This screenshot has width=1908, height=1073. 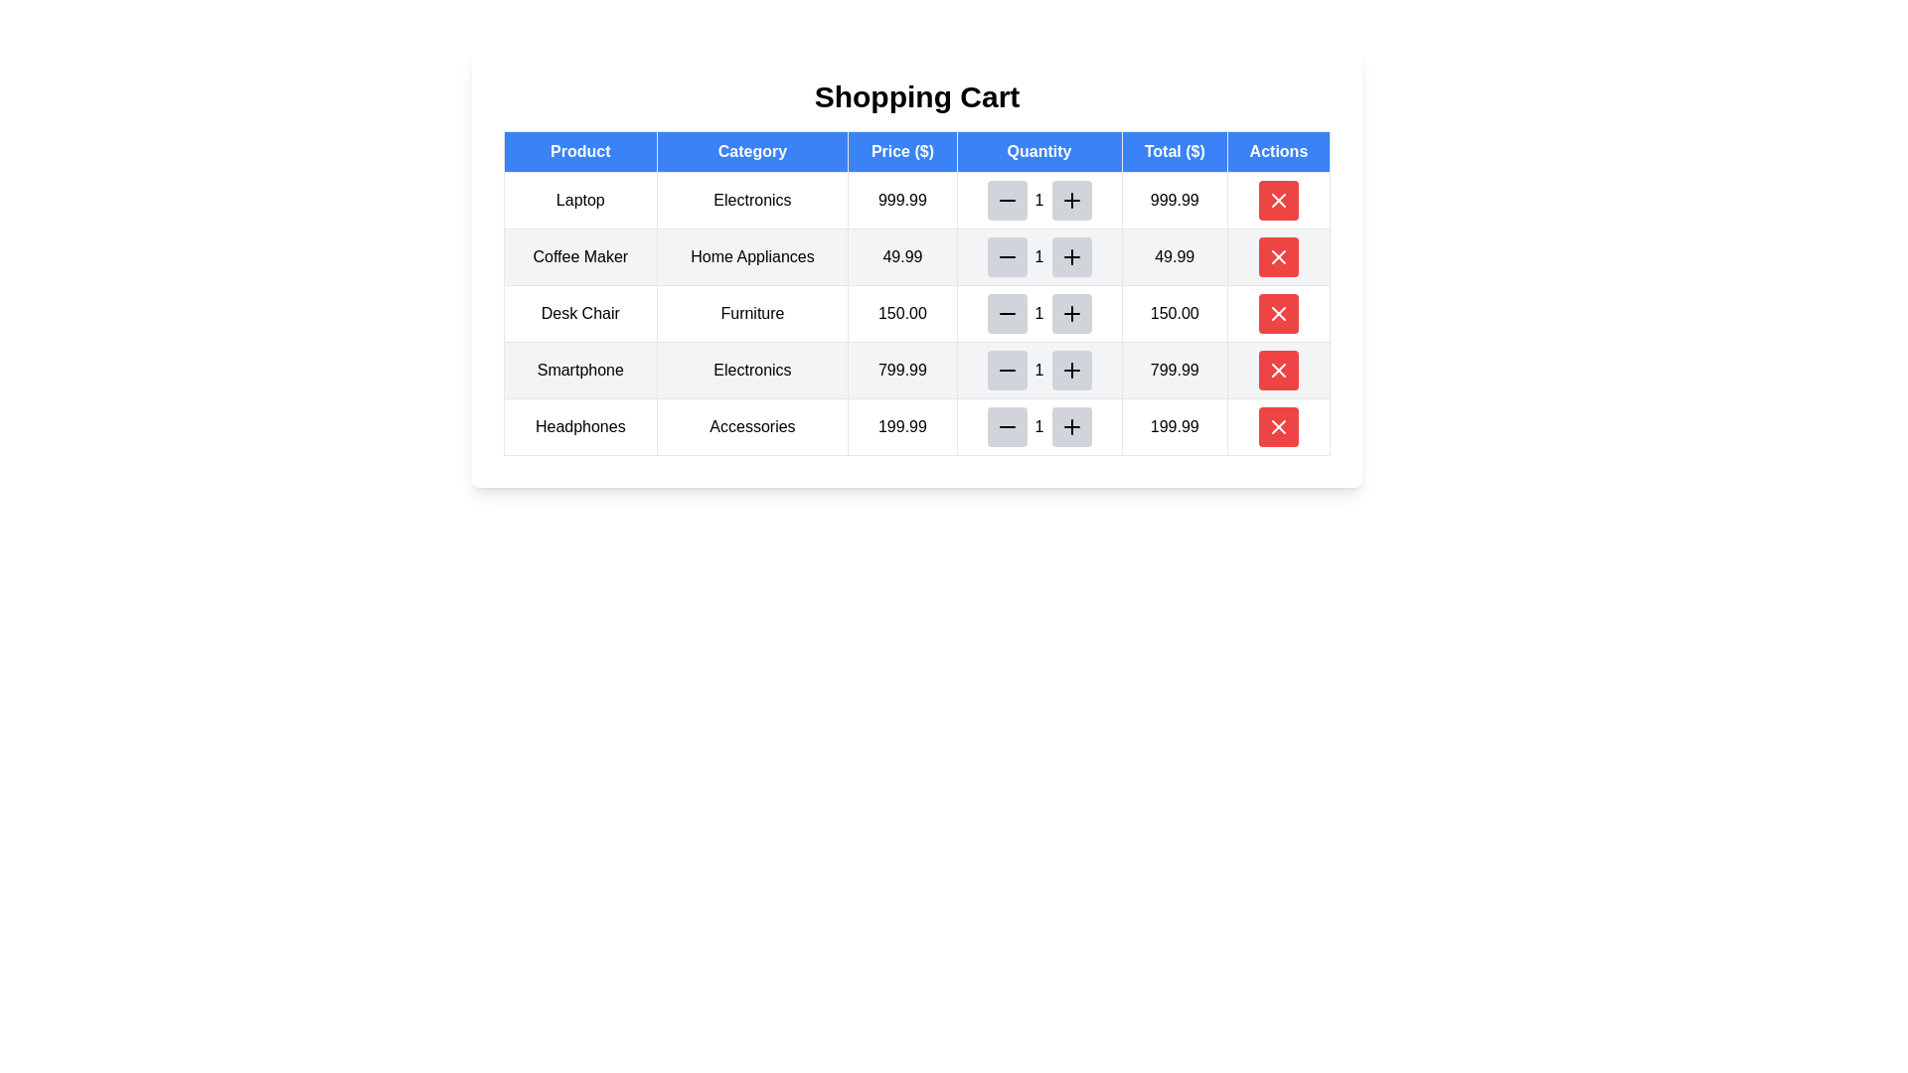 What do you see at coordinates (901, 151) in the screenshot?
I see `the third cell in the header row of the table, which indicates the price of the product in dollars` at bounding box center [901, 151].